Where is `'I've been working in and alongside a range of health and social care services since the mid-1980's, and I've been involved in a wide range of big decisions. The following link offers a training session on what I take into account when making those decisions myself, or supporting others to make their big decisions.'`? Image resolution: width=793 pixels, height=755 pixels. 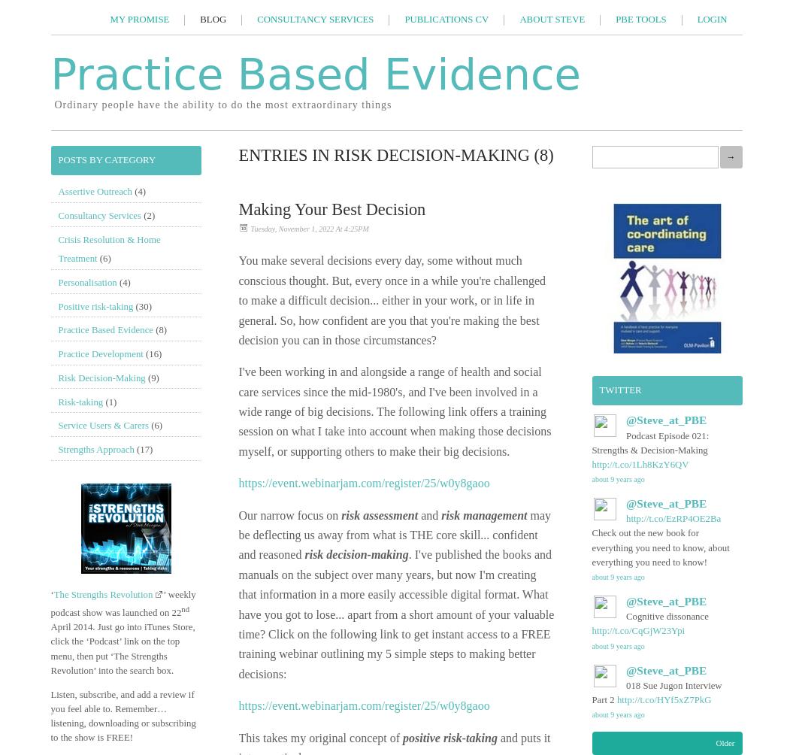 'I've been working in and alongside a range of health and social care services since the mid-1980's, and I've been involved in a wide range of big decisions. The following link offers a training session on what I take into account when making those decisions myself, or supporting others to make their big decisions.' is located at coordinates (394, 411).